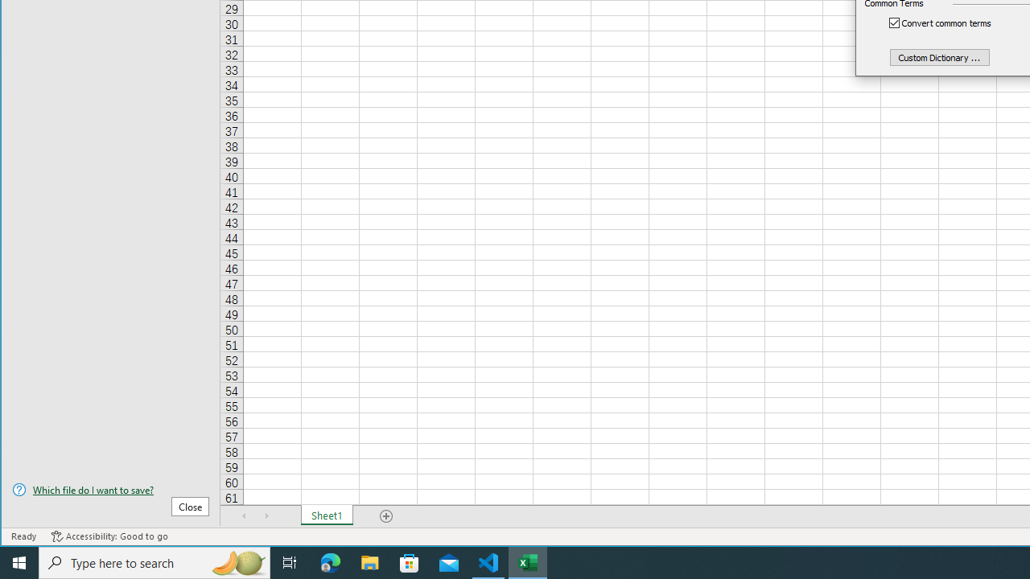  I want to click on 'Microsoft Edge', so click(330, 561).